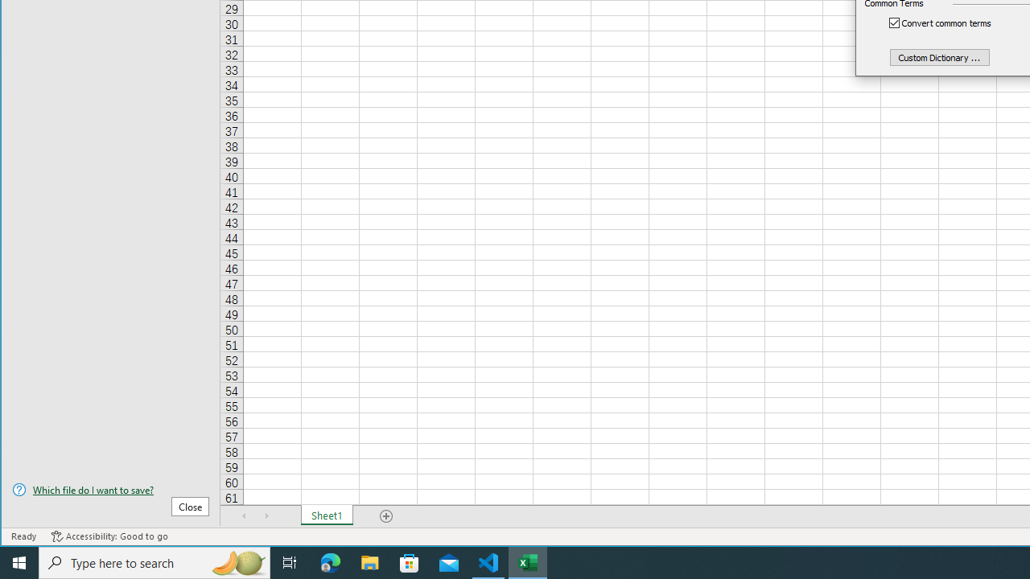  I want to click on 'Microsoft Edge', so click(330, 561).